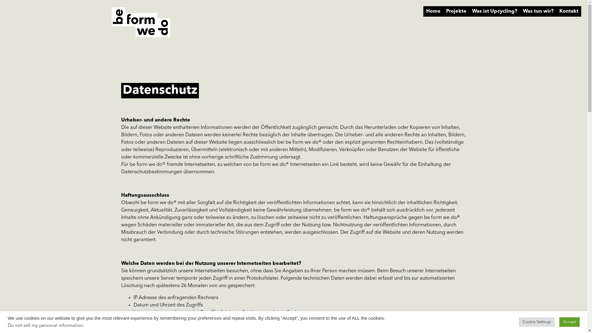 This screenshot has height=333, width=592. Describe the element at coordinates (569, 322) in the screenshot. I see `'Accept'` at that location.